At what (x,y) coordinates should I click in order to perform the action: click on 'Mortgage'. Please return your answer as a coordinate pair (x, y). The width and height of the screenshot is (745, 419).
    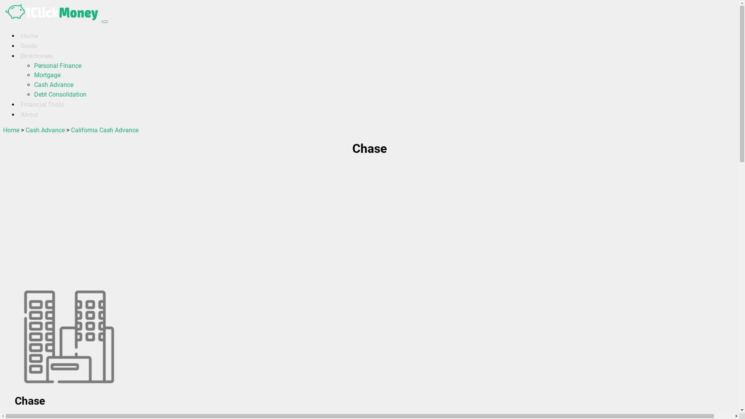
    Looking at the image, I should click on (47, 75).